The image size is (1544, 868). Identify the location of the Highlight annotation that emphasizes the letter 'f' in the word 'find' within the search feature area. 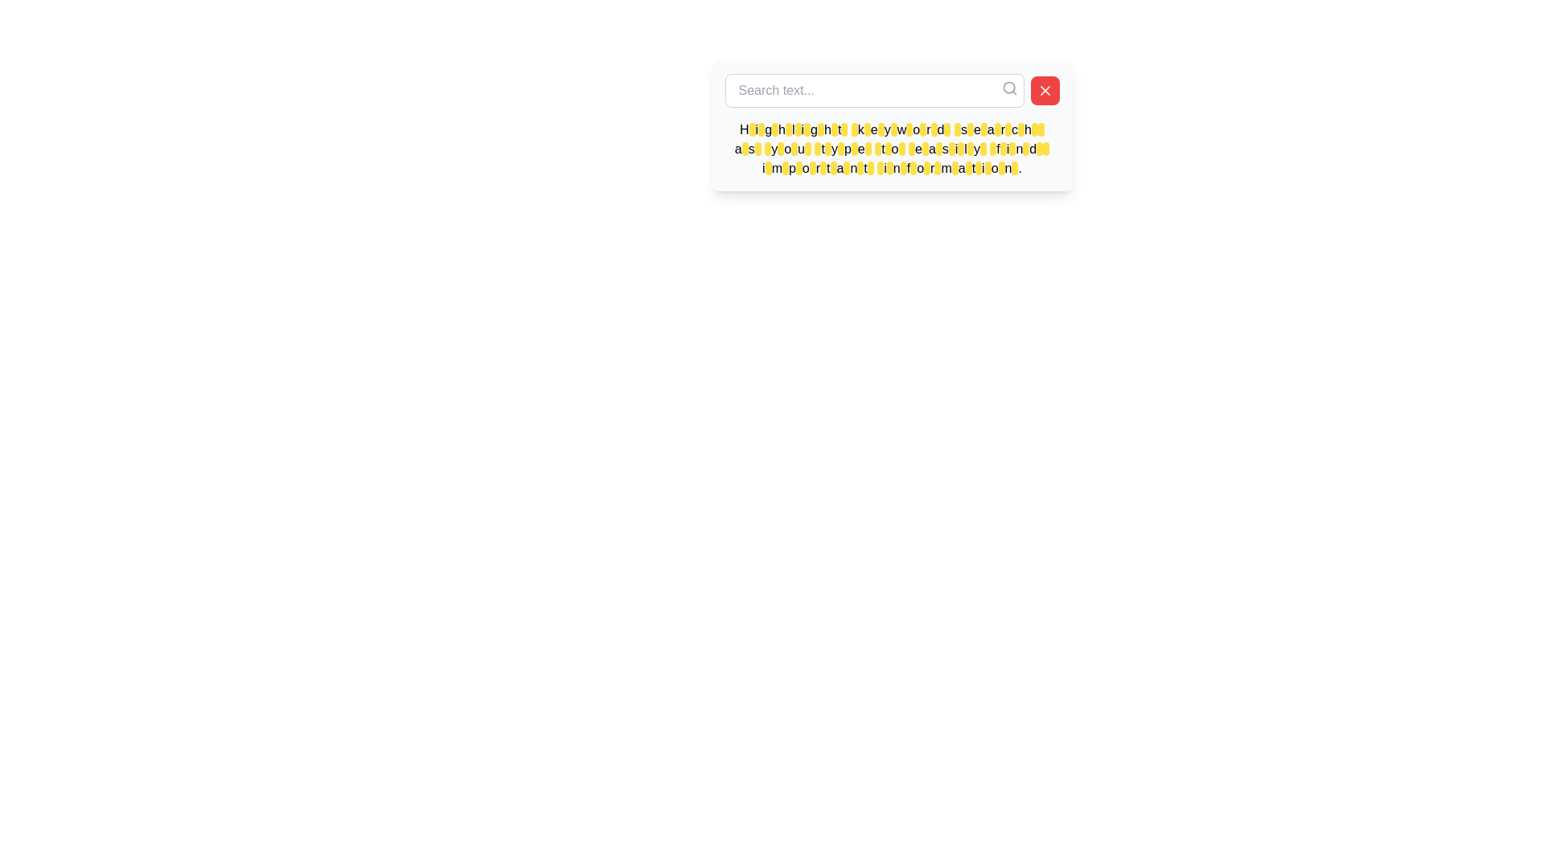
(961, 149).